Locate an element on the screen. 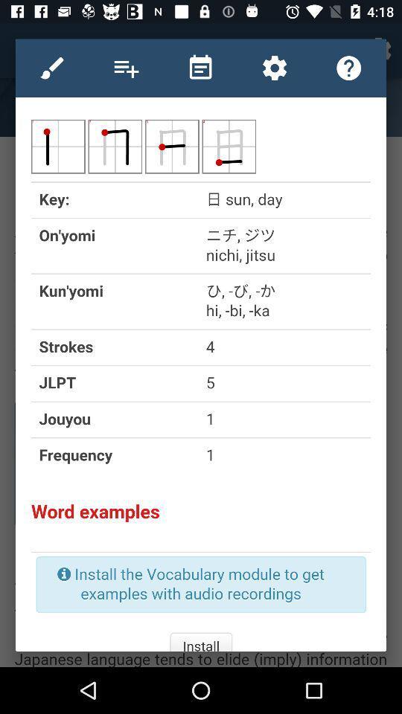 The image size is (402, 714). the date_range icon is located at coordinates (200, 73).